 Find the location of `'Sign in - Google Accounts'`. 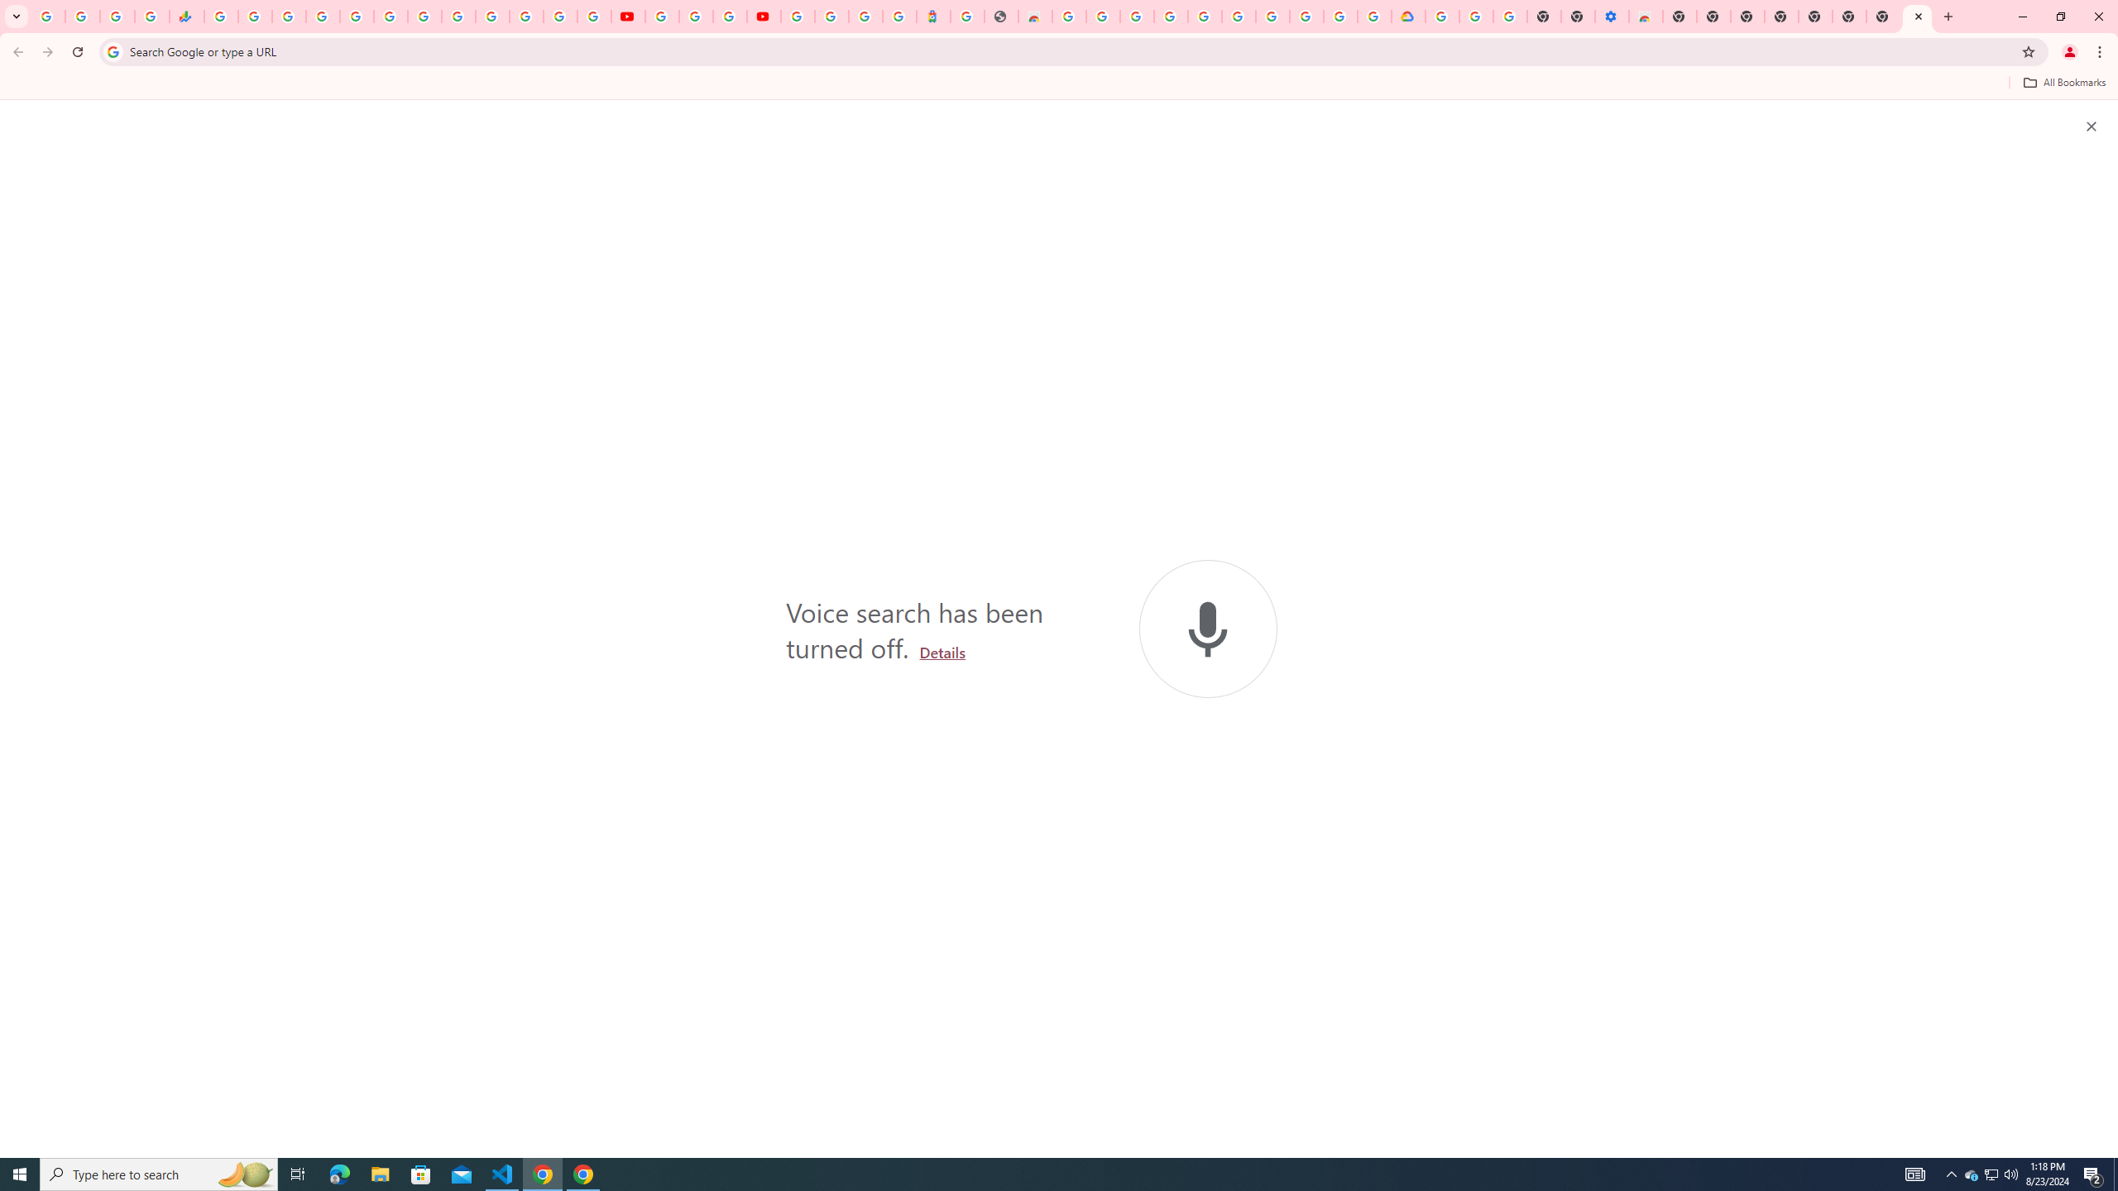

'Sign in - Google Accounts' is located at coordinates (830, 16).